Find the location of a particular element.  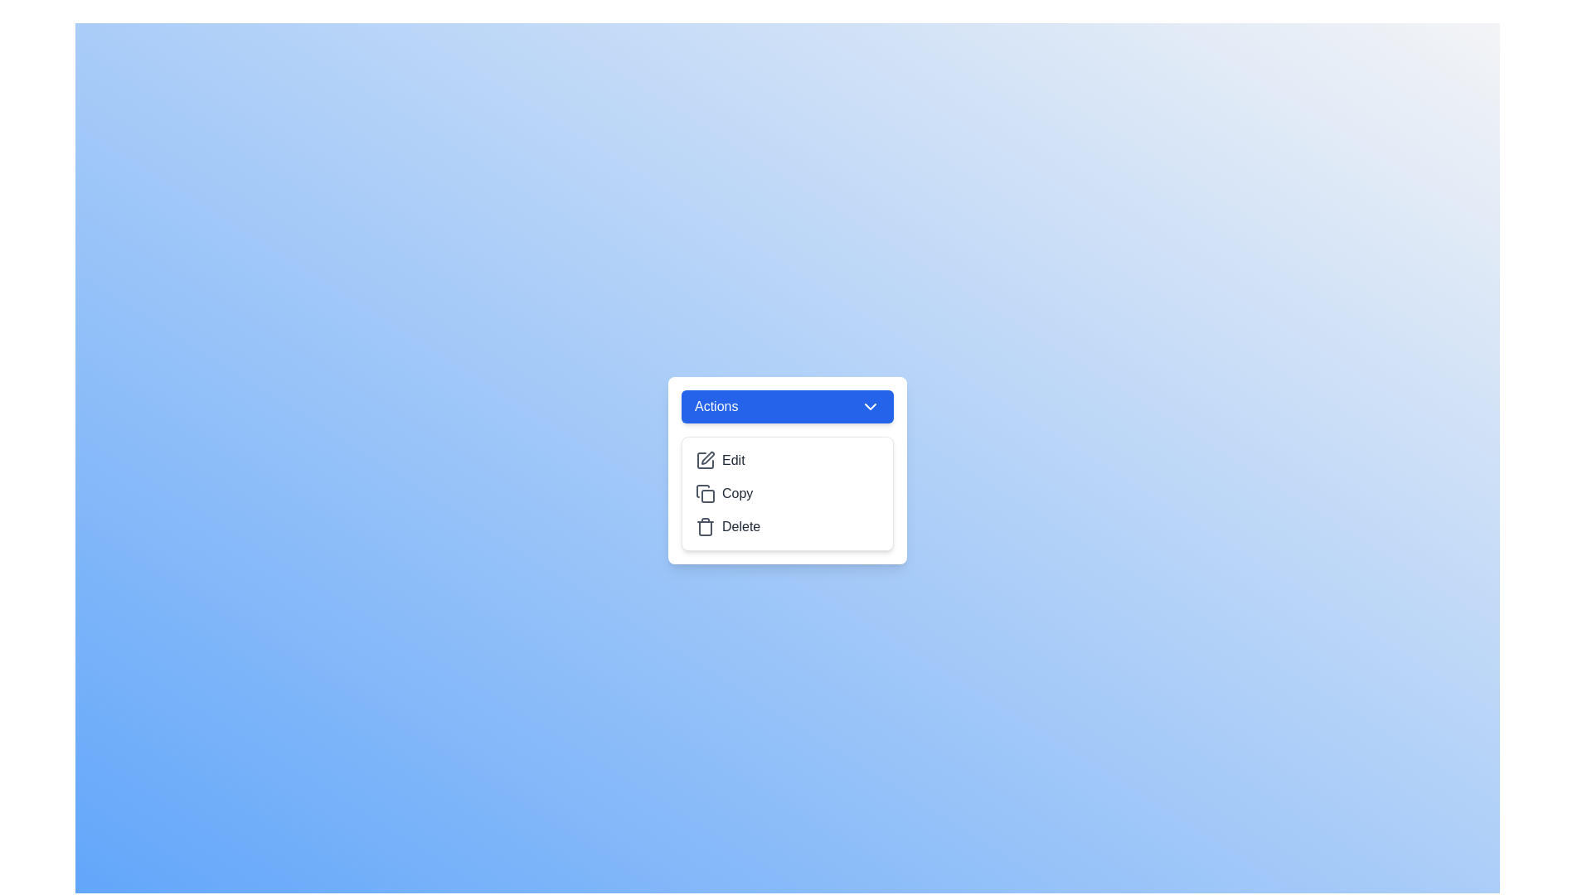

to select the 'Copy' option from the dropdown menu labeled 'Actions', which is the second item in the list between 'Edit' and 'Delete' is located at coordinates (787, 493).